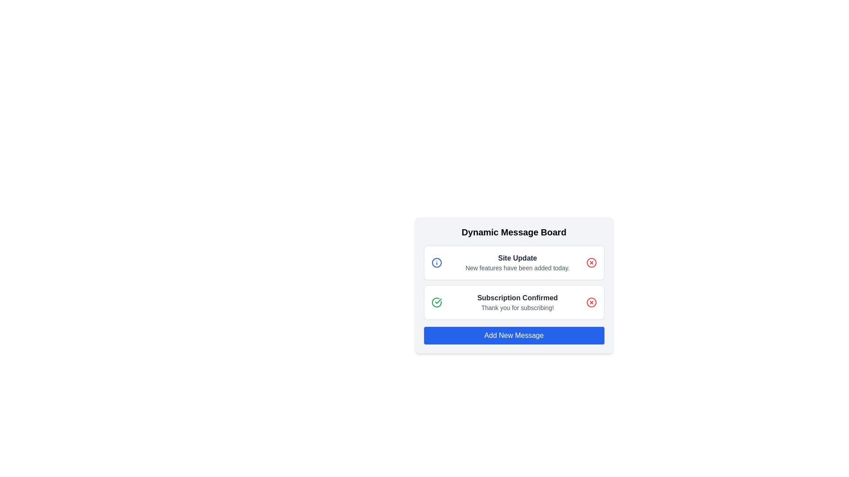  What do you see at coordinates (591, 302) in the screenshot?
I see `the cancel or delete action icon located to the far right of the 'Subscription Confirmed' message in the list item` at bounding box center [591, 302].